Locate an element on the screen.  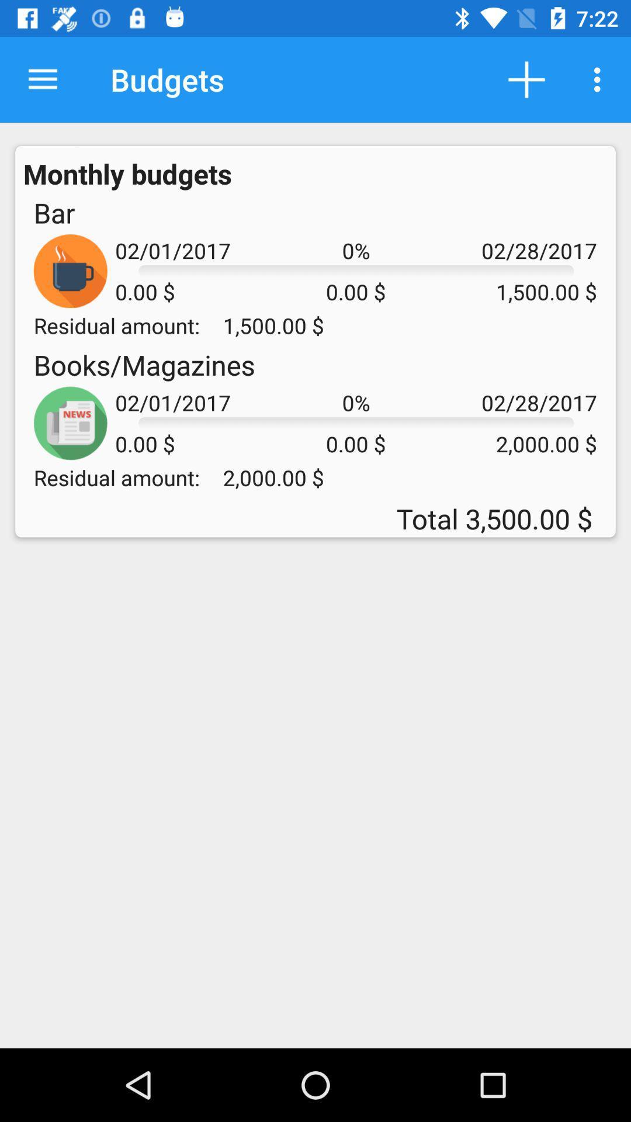
the total 3 500 is located at coordinates (315, 518).